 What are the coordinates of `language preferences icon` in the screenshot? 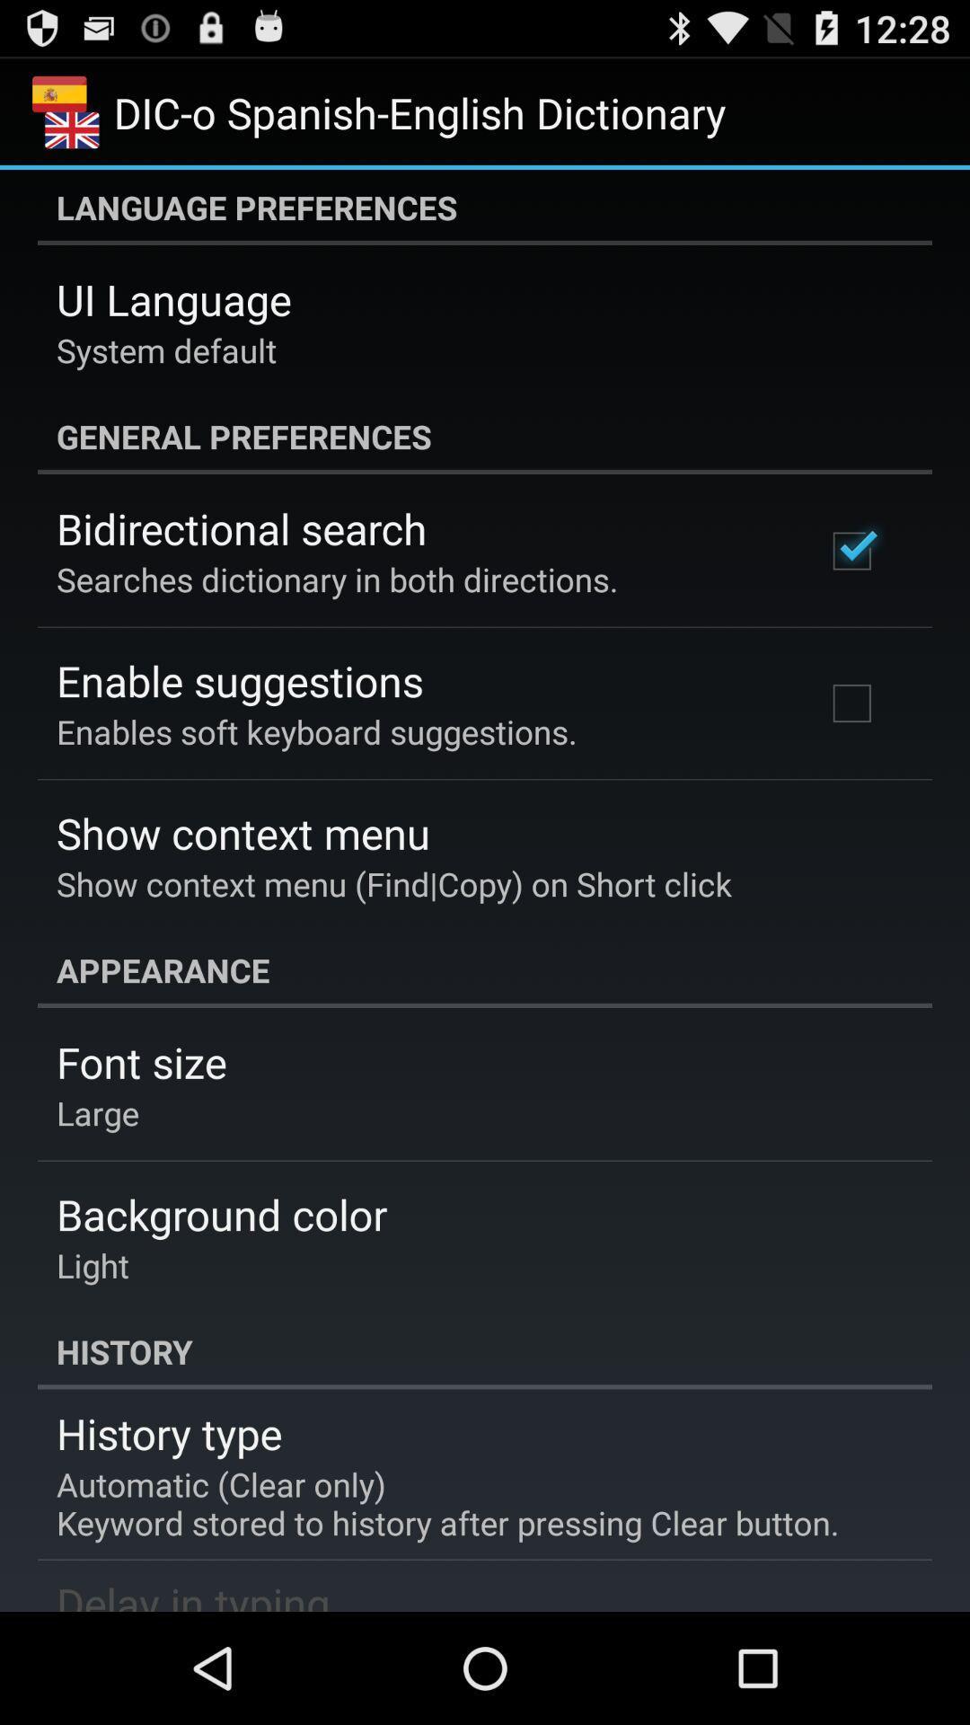 It's located at (485, 207).